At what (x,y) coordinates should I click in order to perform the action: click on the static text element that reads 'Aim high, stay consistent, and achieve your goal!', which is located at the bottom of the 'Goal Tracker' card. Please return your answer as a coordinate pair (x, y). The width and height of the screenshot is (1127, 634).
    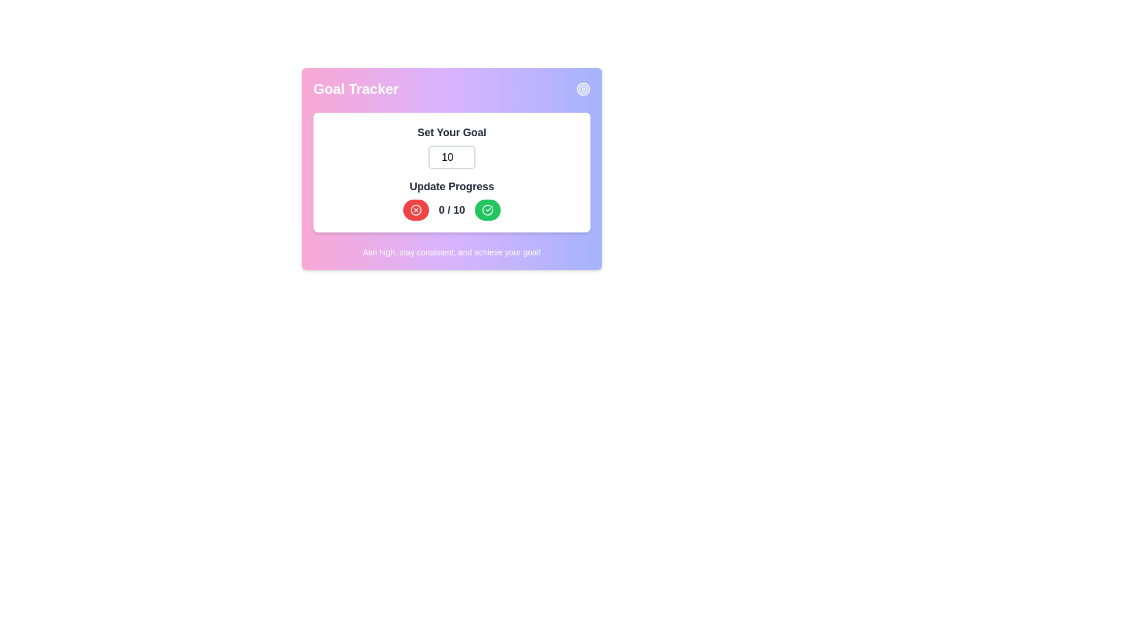
    Looking at the image, I should click on (451, 251).